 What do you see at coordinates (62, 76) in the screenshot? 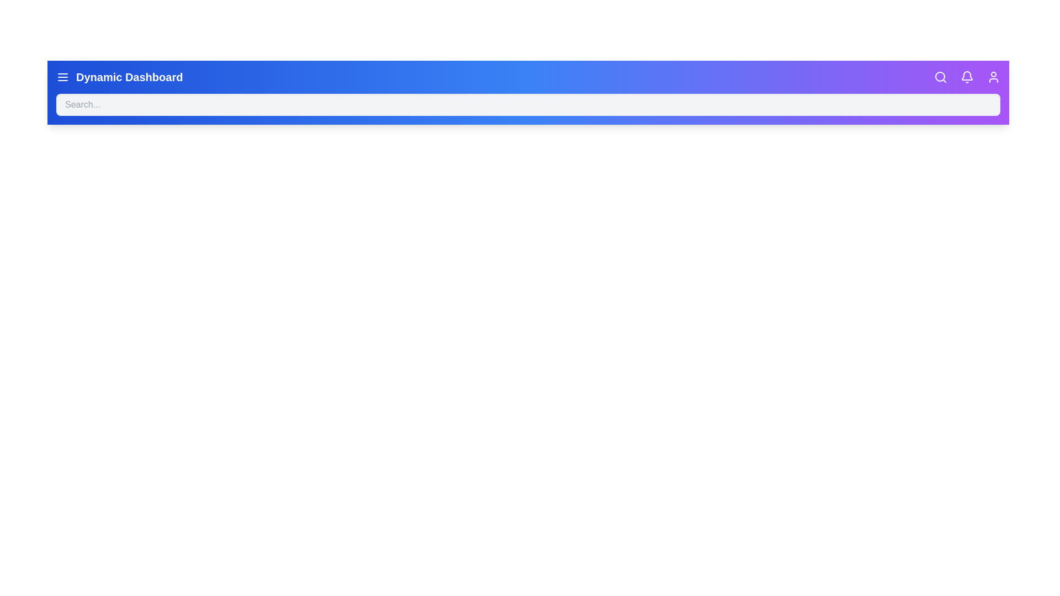
I see `the menu icon to open the navigation options` at bounding box center [62, 76].